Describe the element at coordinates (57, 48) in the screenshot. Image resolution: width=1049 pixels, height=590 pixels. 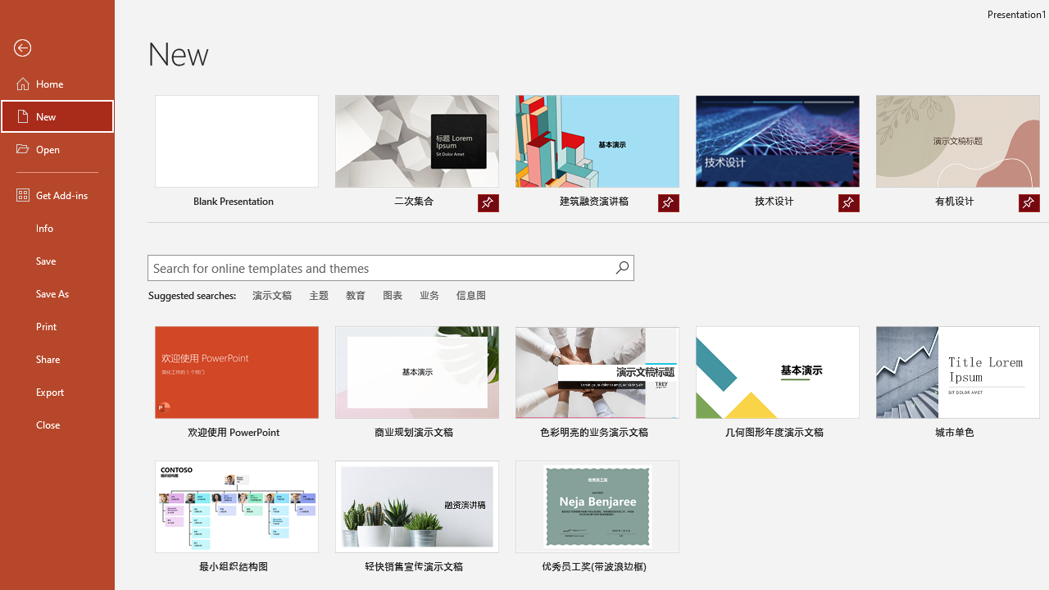
I see `'Back'` at that location.